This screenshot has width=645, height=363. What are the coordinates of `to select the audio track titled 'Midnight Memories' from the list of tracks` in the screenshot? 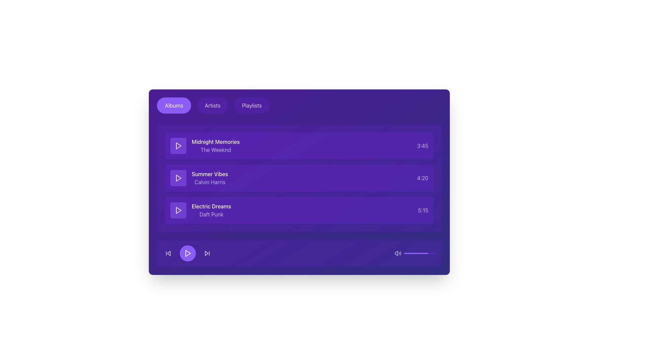 It's located at (299, 146).